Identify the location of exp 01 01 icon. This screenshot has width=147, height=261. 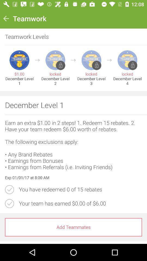
(73, 178).